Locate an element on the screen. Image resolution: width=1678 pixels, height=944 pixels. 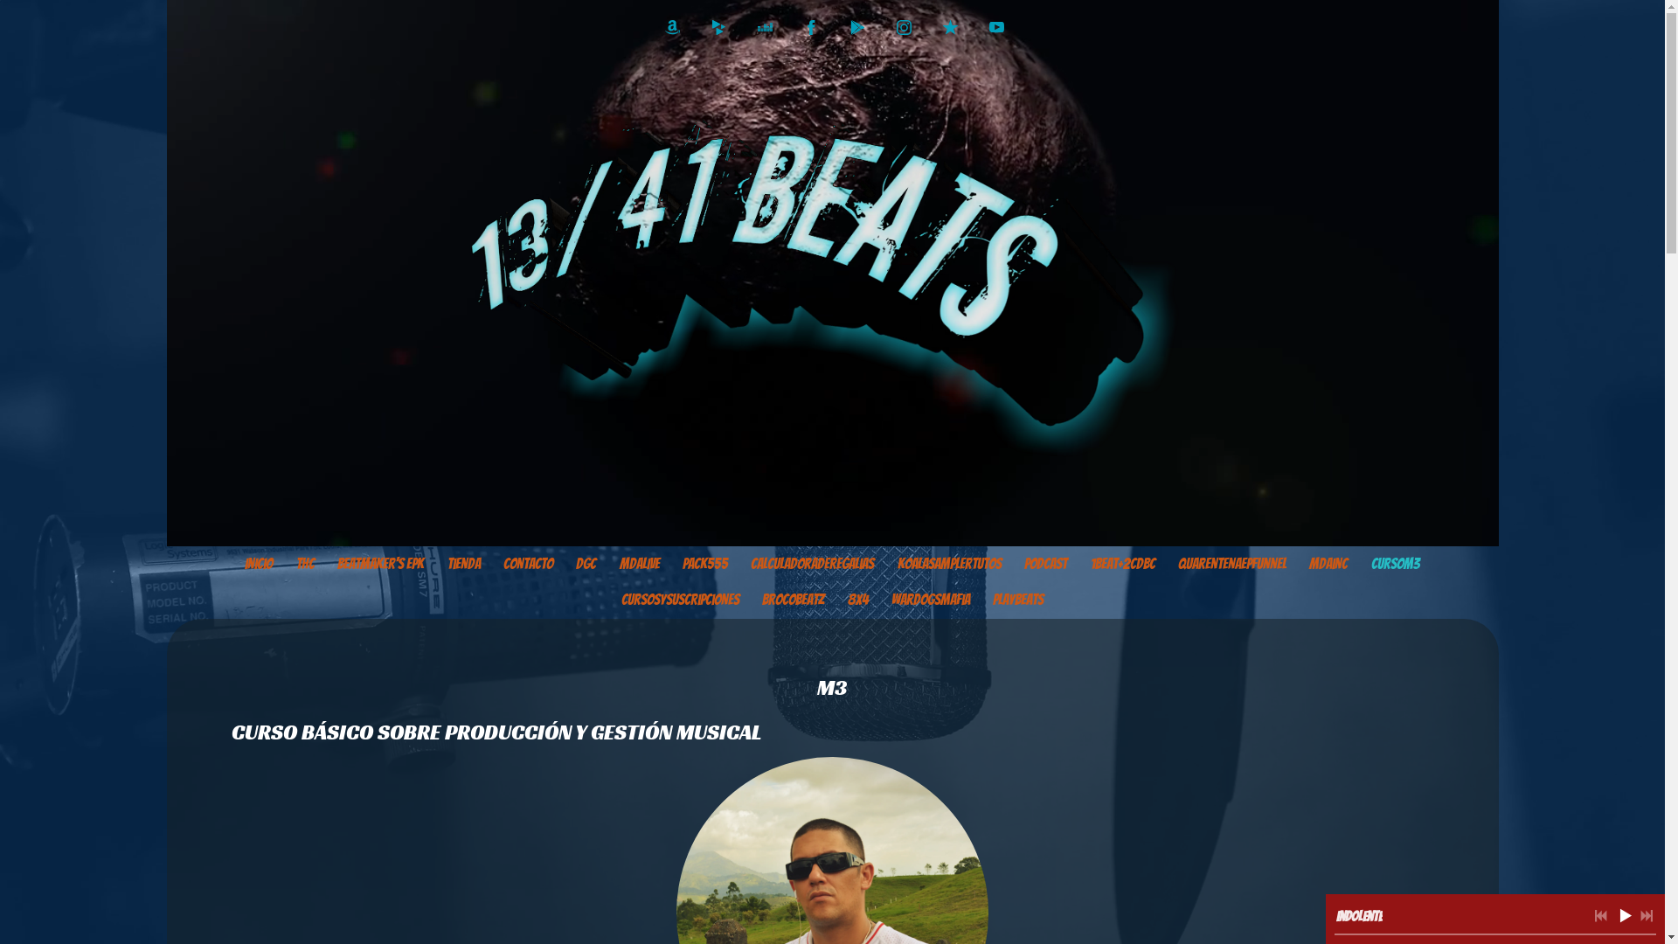
'Contacto' is located at coordinates (490, 564).